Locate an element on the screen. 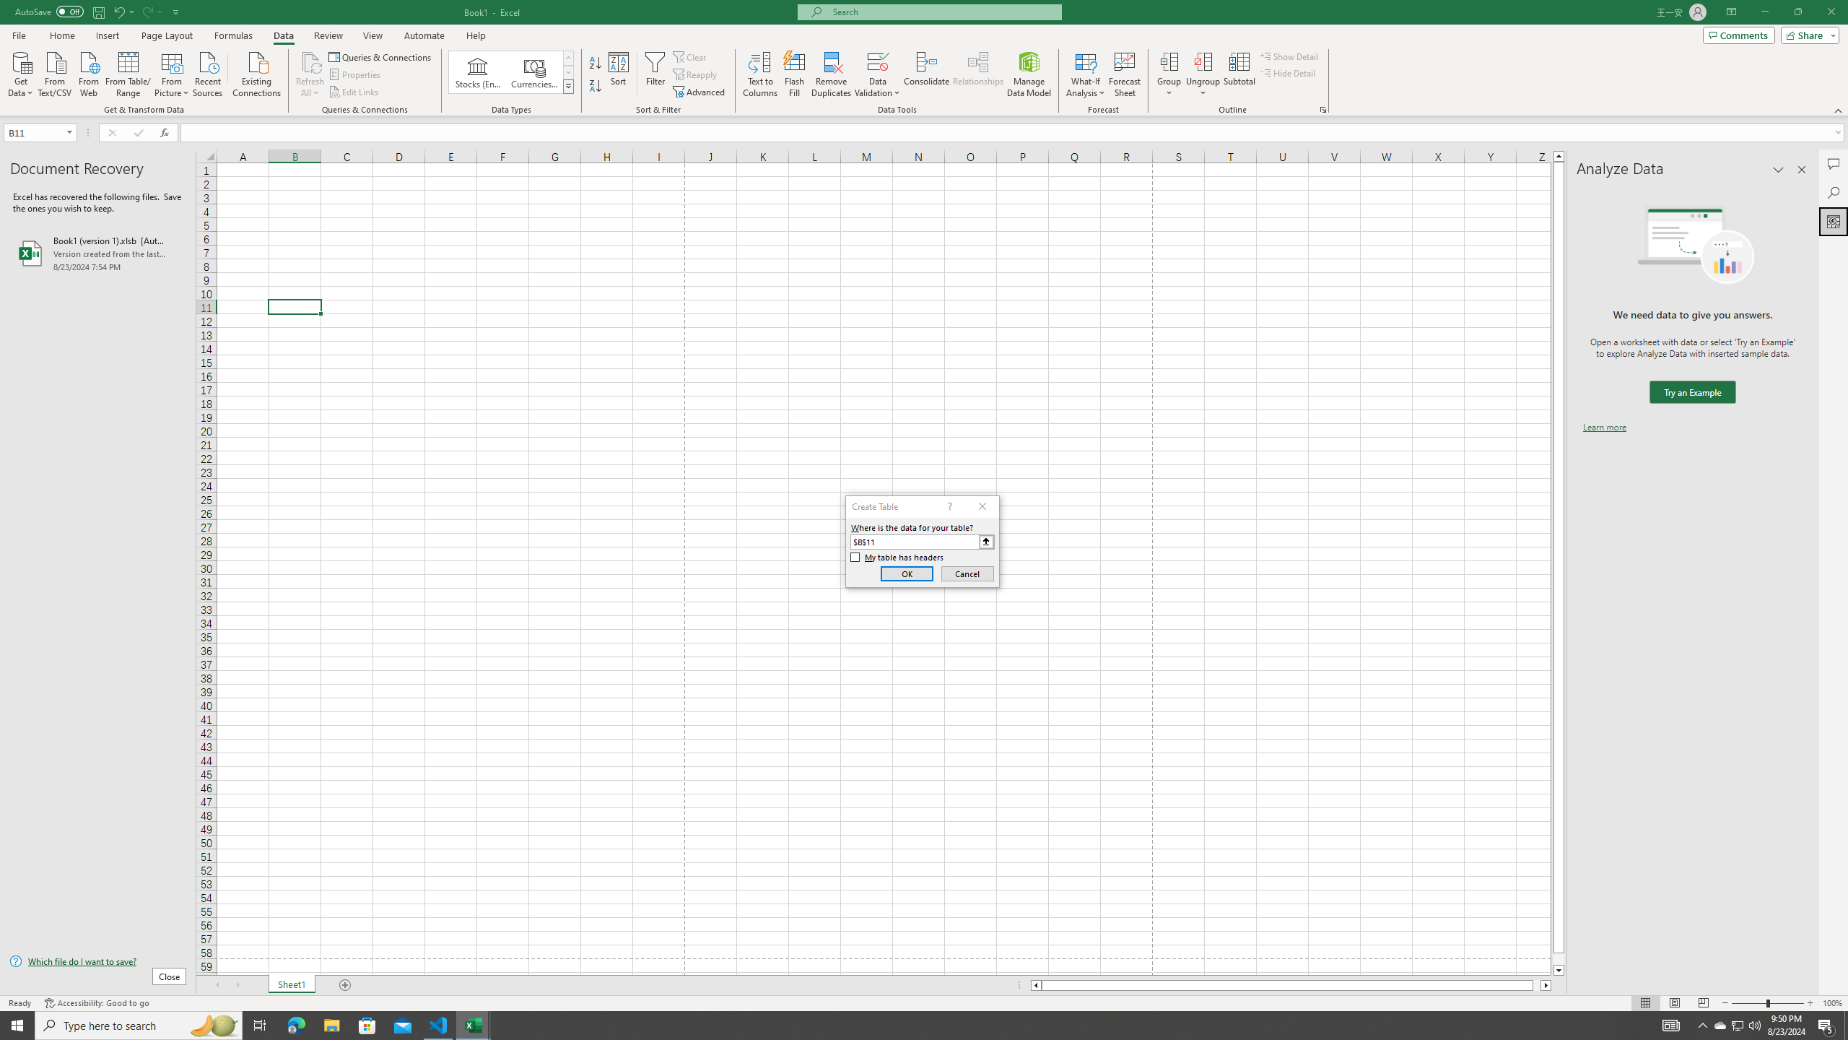 The height and width of the screenshot is (1040, 1848). 'Home' is located at coordinates (61, 35).